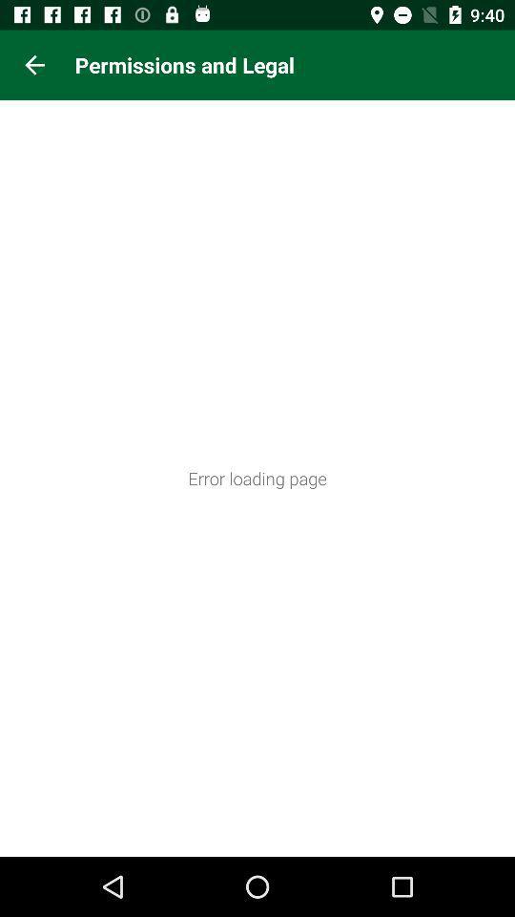 The height and width of the screenshot is (917, 515). I want to click on the icon next to the permissions and legal, so click(34, 65).